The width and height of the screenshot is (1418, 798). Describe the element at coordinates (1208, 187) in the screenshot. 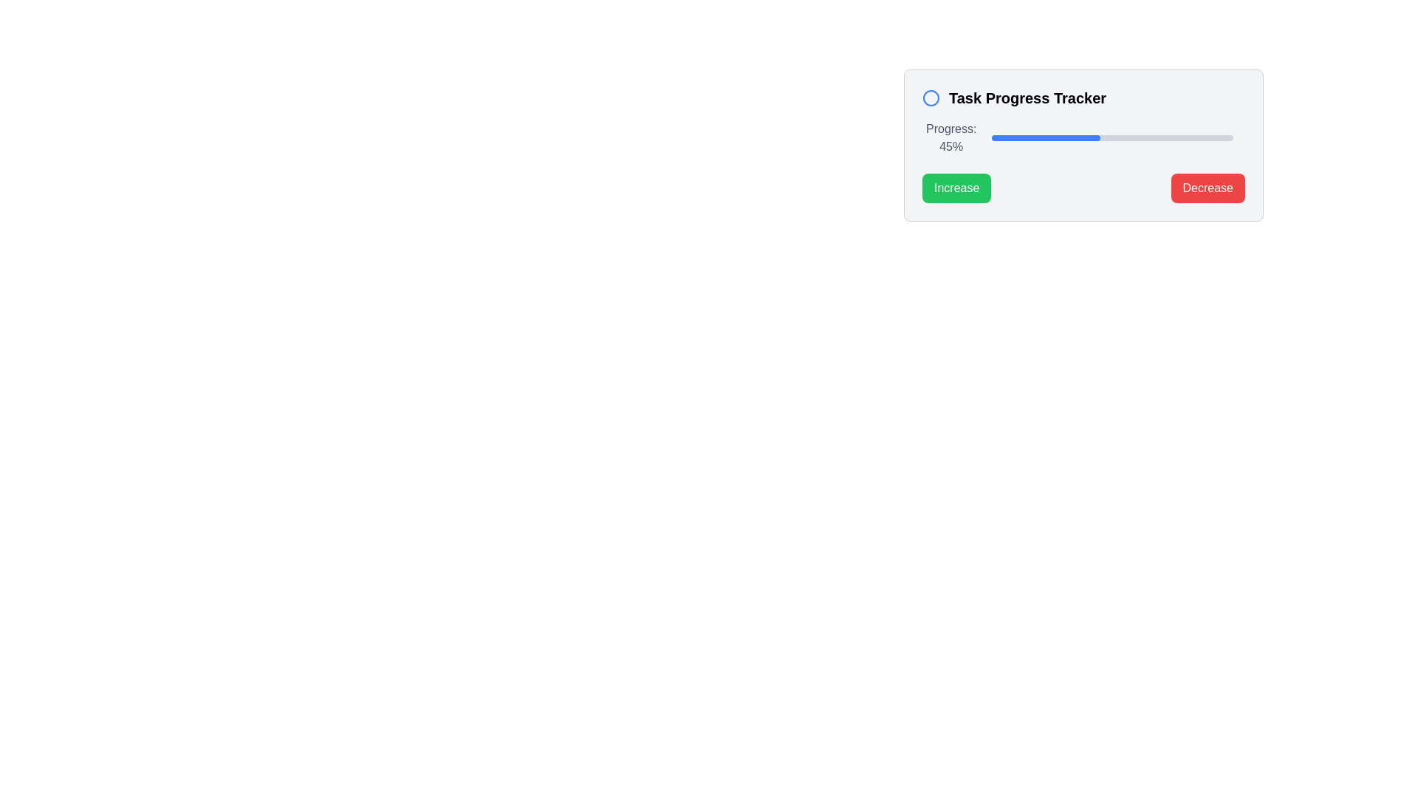

I see `the 'Decrease' button, which is a red rectangular button with white text, styled with rounded corners and located to the right of the 'Increase' button within a task progress tracker panel` at that location.